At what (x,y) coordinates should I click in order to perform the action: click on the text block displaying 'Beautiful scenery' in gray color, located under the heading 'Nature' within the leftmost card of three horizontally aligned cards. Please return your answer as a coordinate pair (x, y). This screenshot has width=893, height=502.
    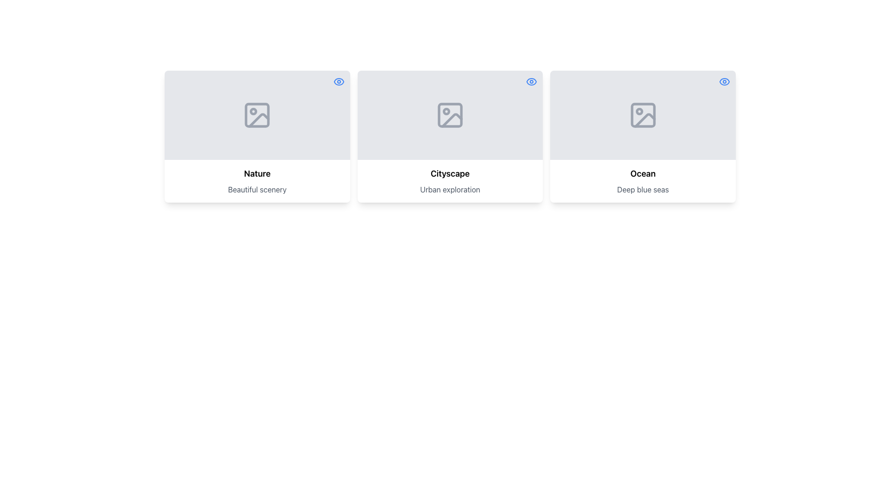
    Looking at the image, I should click on (257, 189).